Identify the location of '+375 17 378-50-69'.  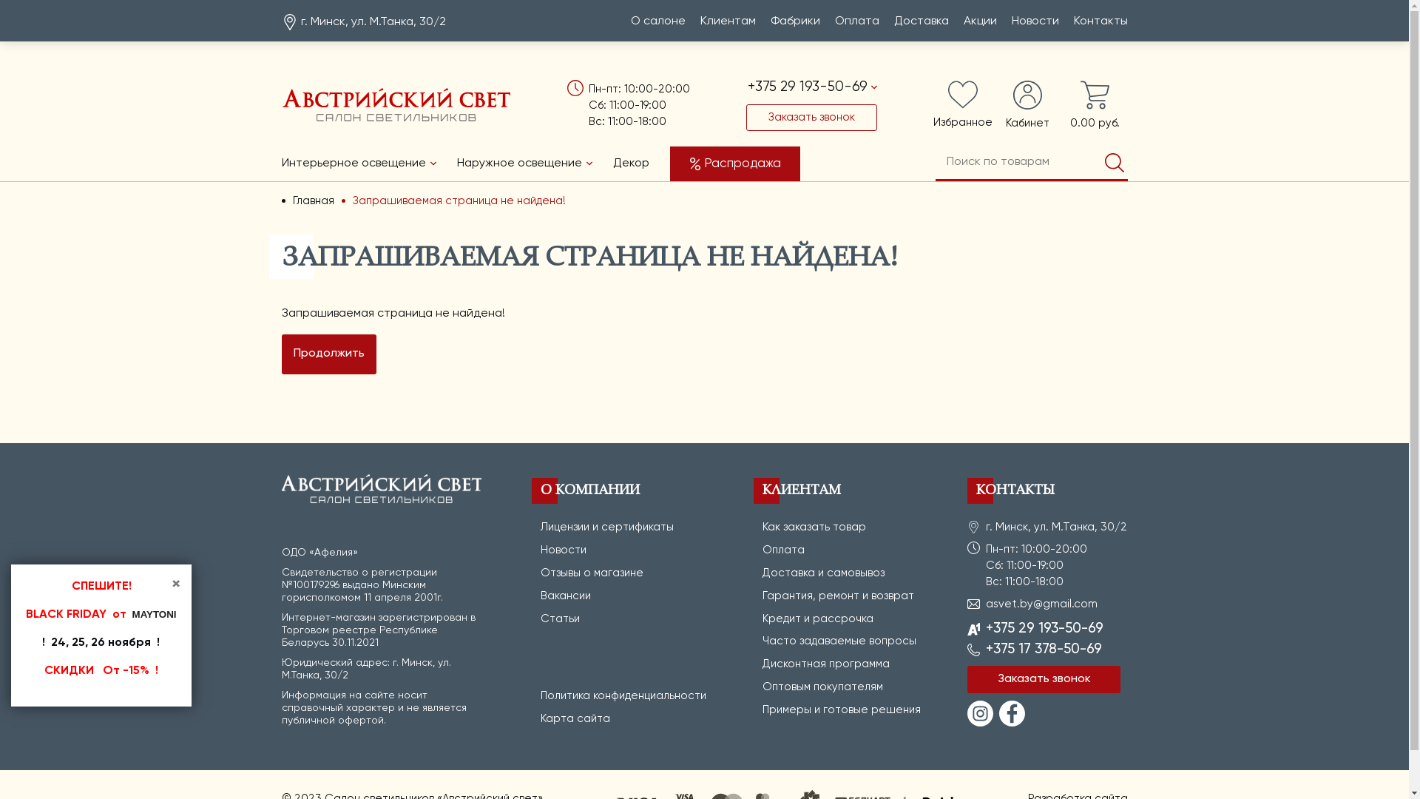
(1043, 648).